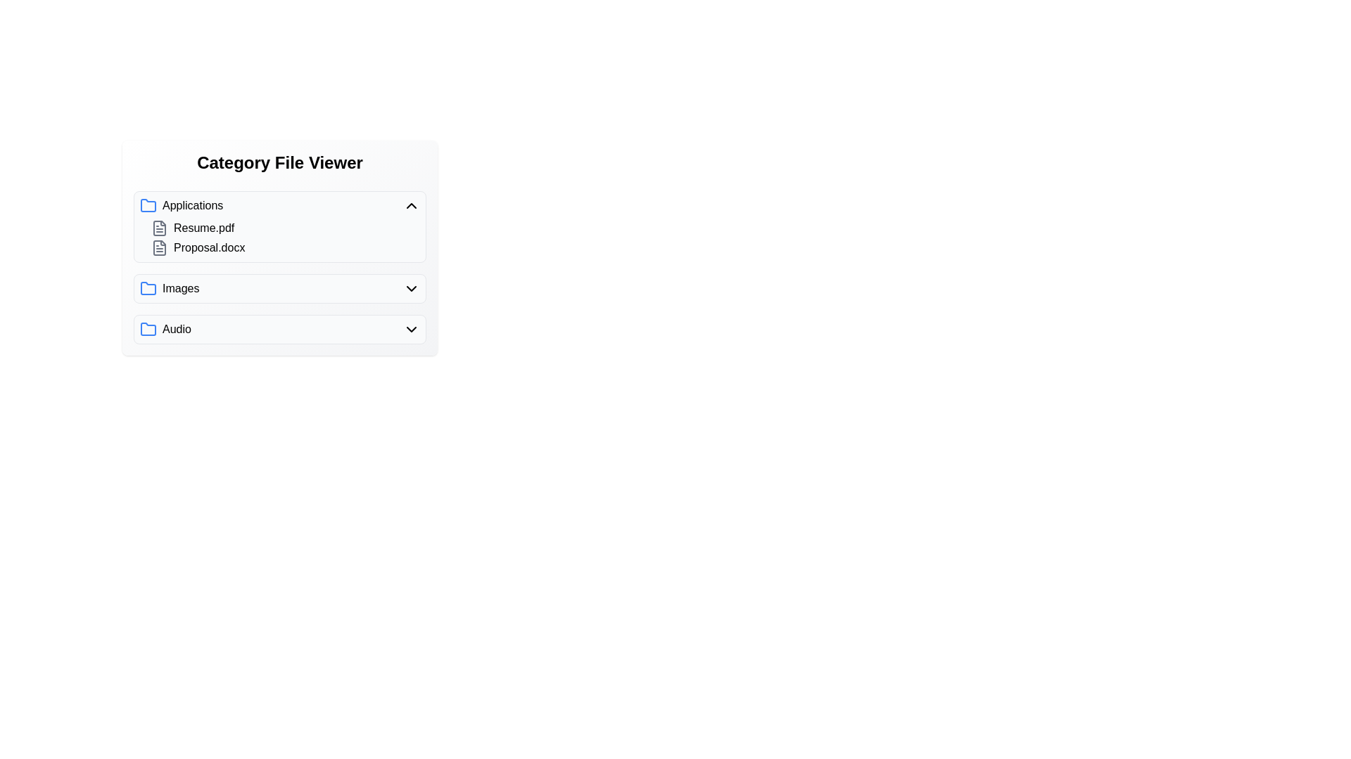  I want to click on the file Resume.pdf within the 'Applications' category, so click(203, 227).